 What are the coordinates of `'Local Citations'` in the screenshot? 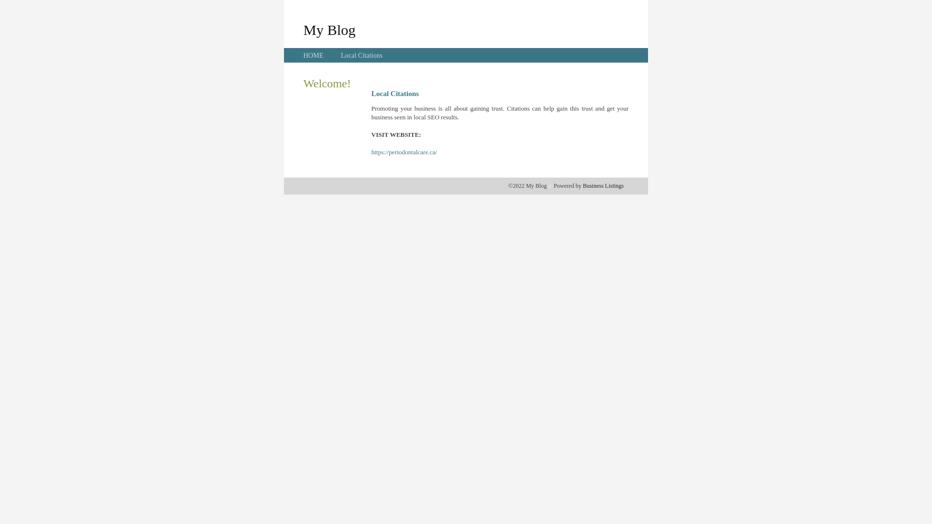 It's located at (340, 55).